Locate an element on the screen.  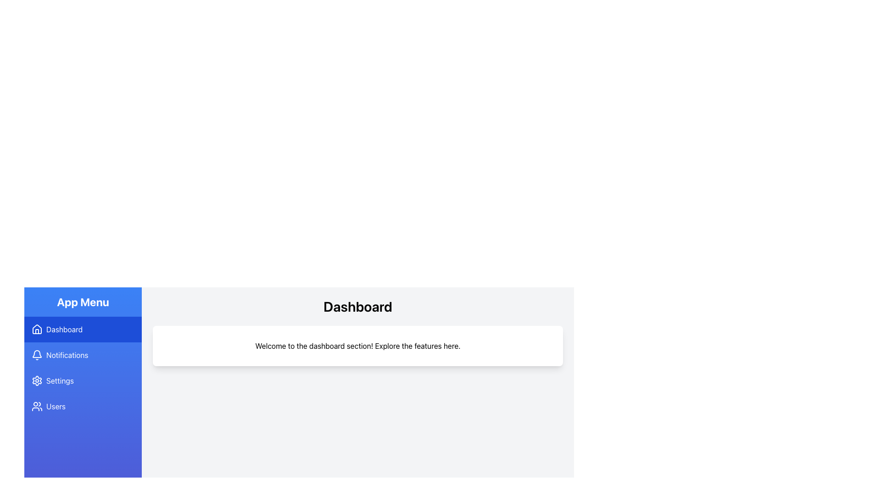
the minimalistic user icon located to the left of the 'Users' label in the vertical navigation menu is located at coordinates (37, 406).